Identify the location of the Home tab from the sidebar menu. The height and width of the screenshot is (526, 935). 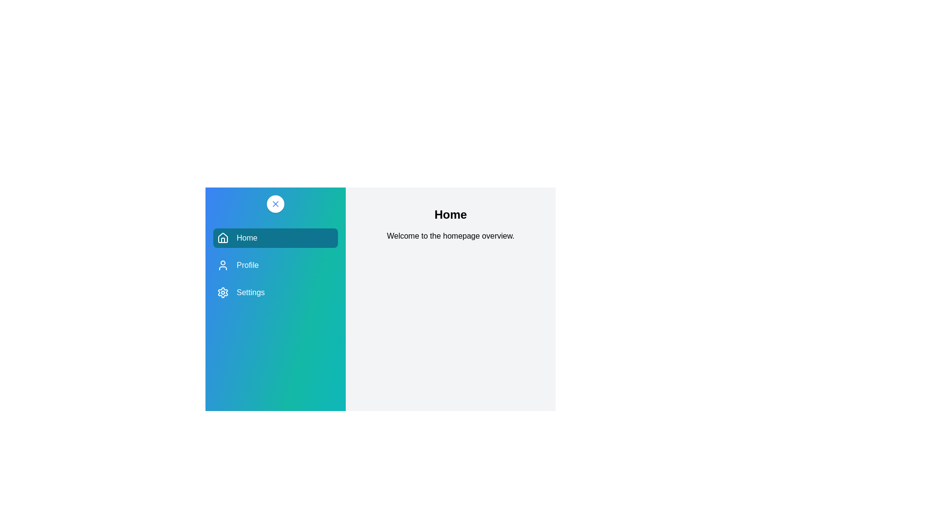
(275, 238).